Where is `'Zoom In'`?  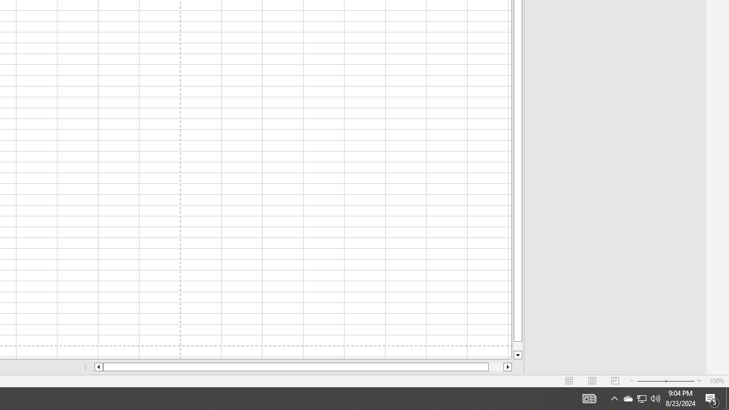 'Zoom In' is located at coordinates (698, 381).